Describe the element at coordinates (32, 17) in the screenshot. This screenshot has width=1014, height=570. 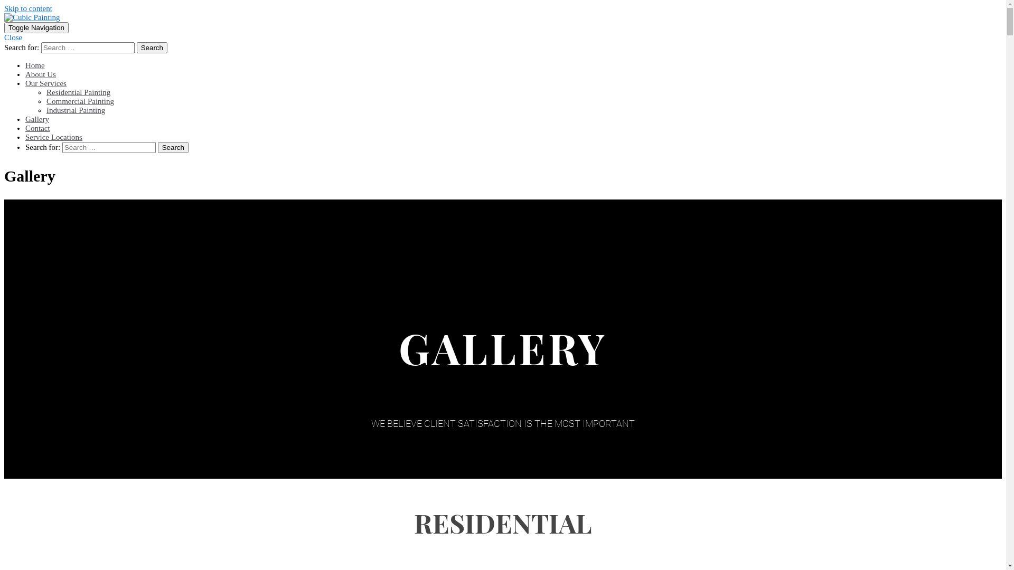
I see `'Cubic Painting '` at that location.